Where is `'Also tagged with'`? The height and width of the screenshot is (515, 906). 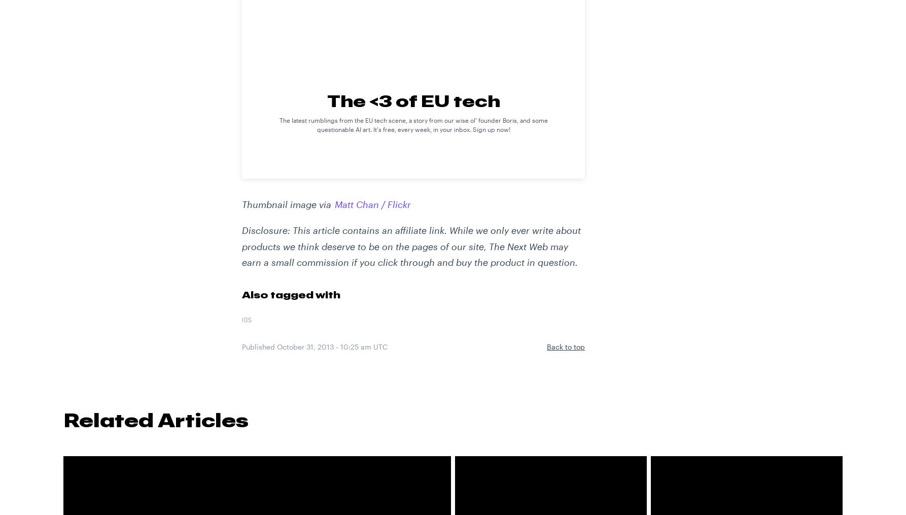
'Also tagged with' is located at coordinates (291, 294).